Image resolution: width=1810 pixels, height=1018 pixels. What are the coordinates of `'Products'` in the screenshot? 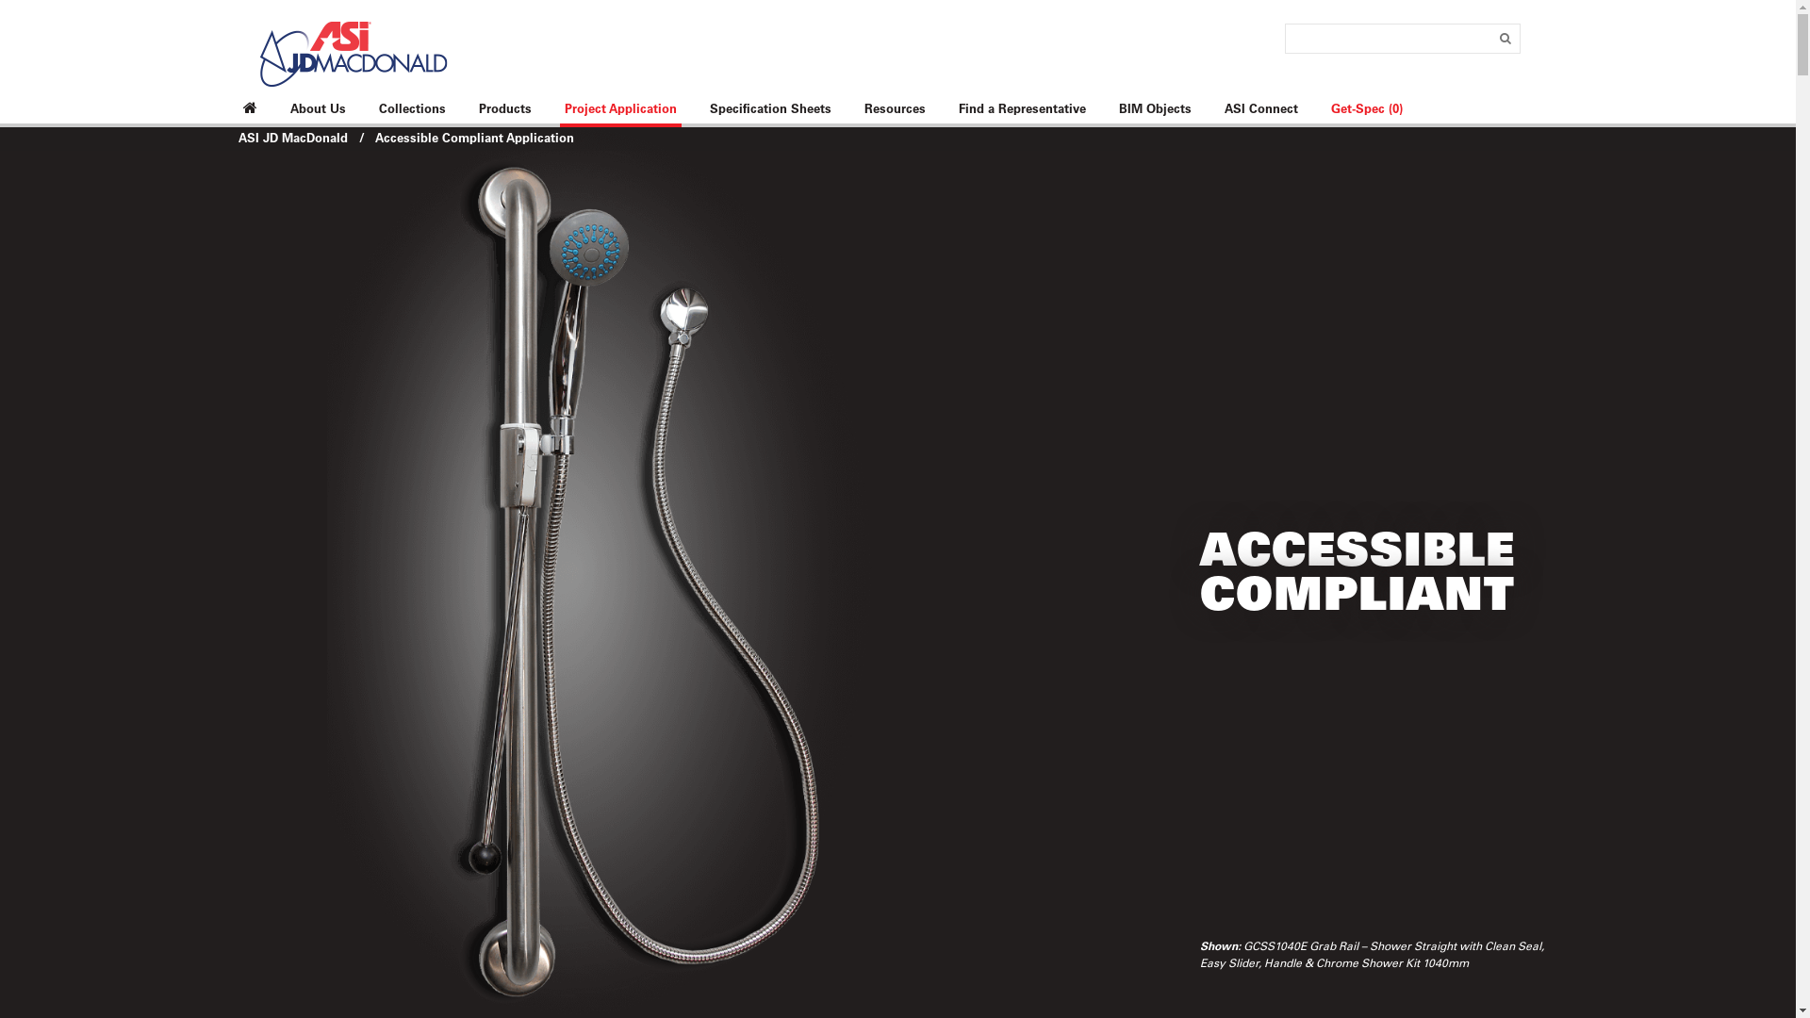 It's located at (503, 108).